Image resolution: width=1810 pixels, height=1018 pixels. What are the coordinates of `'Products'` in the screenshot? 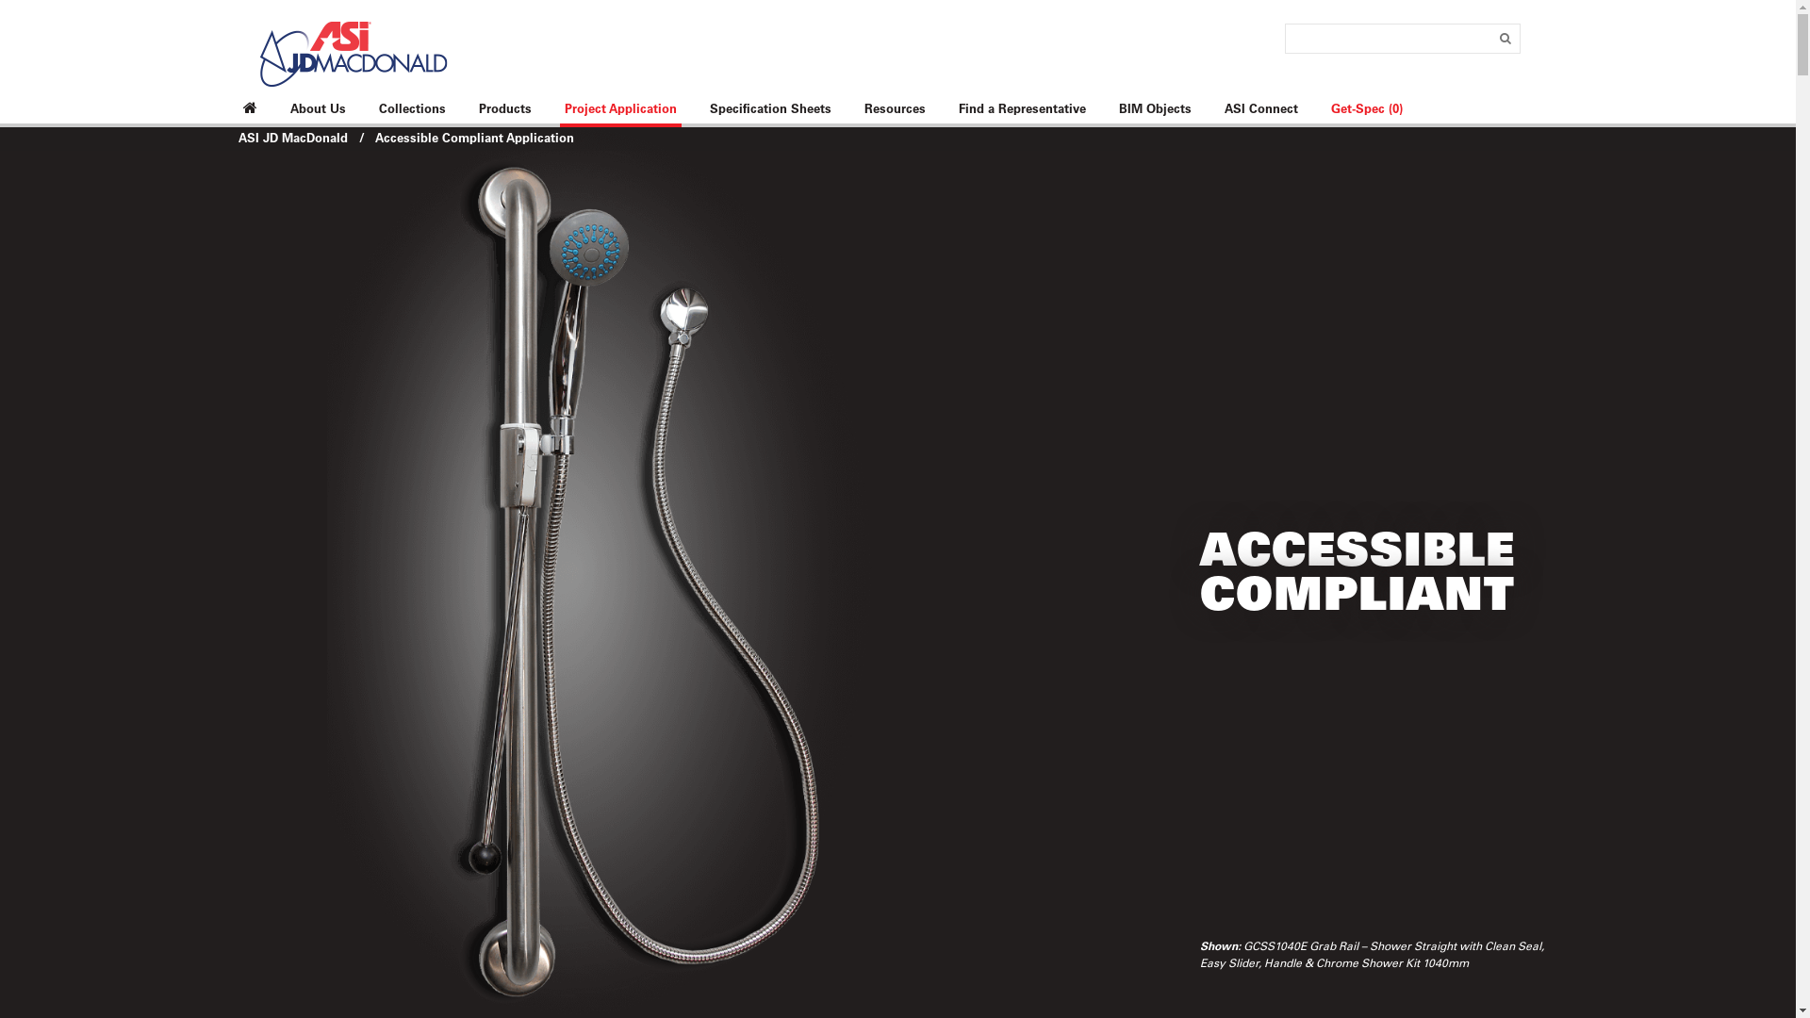 It's located at (503, 108).